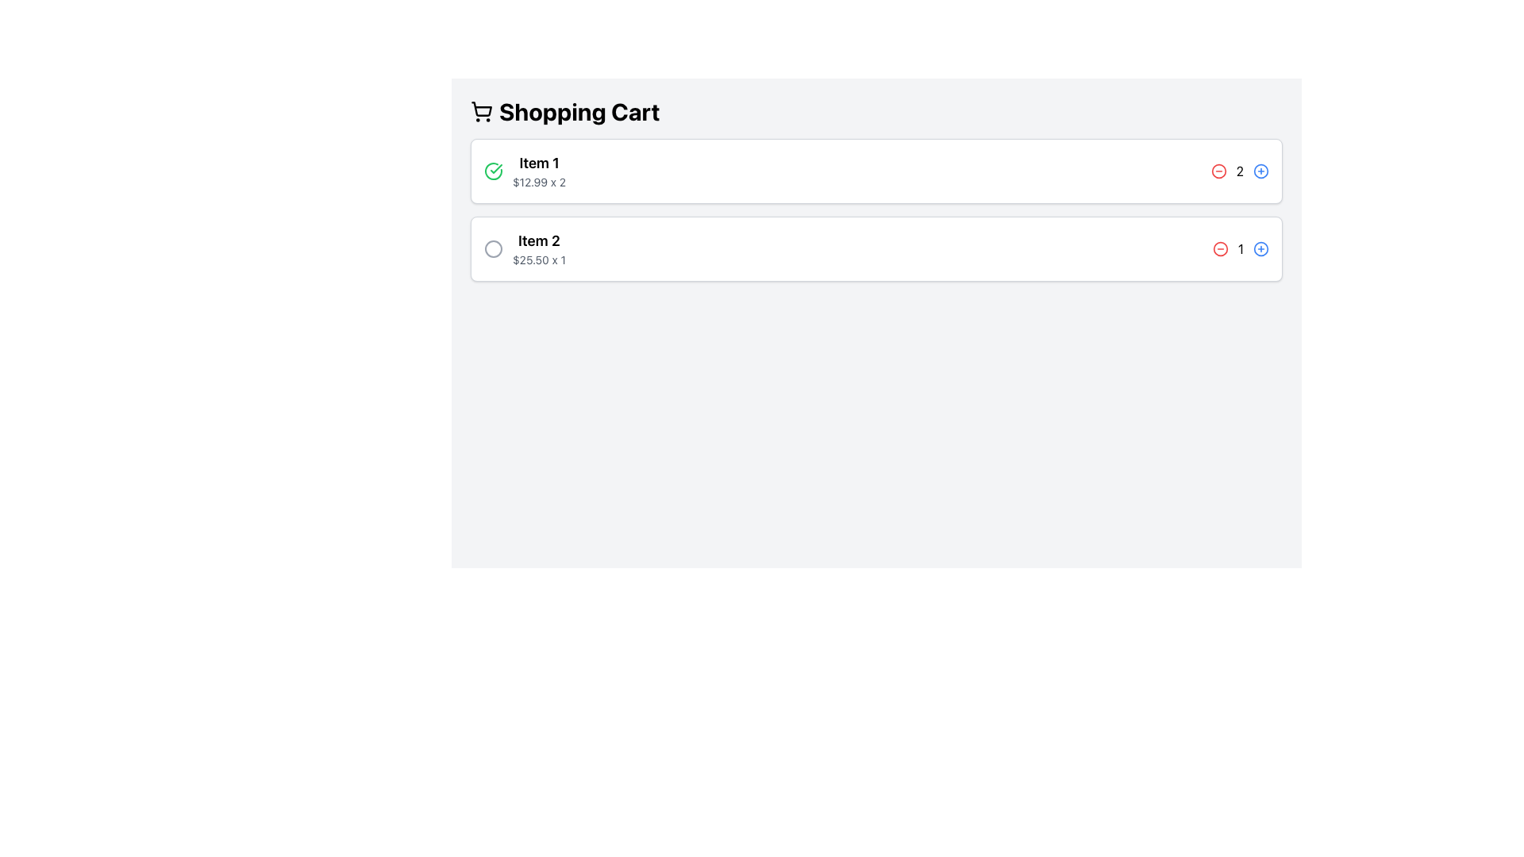  I want to click on the title Text Label of the first item in the shopping cart, which provides information about the specific item being referenced, so click(539, 163).